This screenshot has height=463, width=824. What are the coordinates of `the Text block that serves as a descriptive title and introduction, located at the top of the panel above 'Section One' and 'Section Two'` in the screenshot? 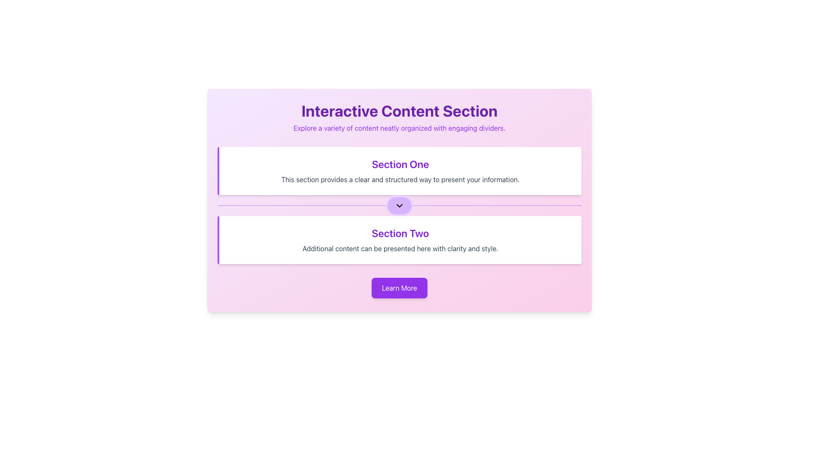 It's located at (399, 117).